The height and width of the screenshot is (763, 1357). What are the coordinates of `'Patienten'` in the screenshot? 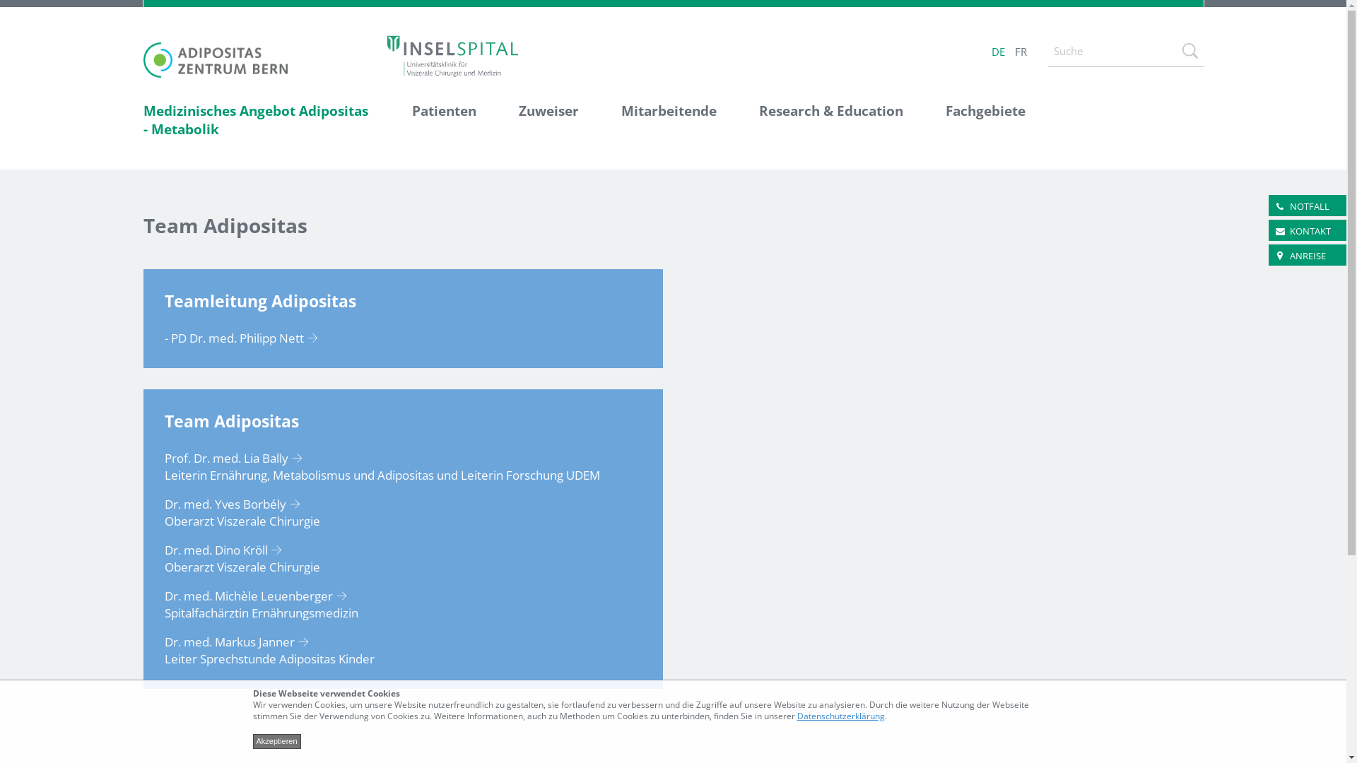 It's located at (442, 121).